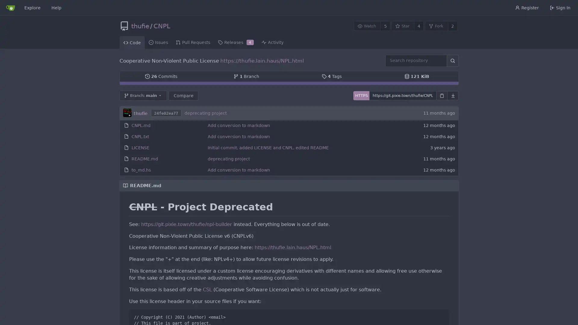 Image resolution: width=578 pixels, height=325 pixels. What do you see at coordinates (183, 95) in the screenshot?
I see `Compare` at bounding box center [183, 95].